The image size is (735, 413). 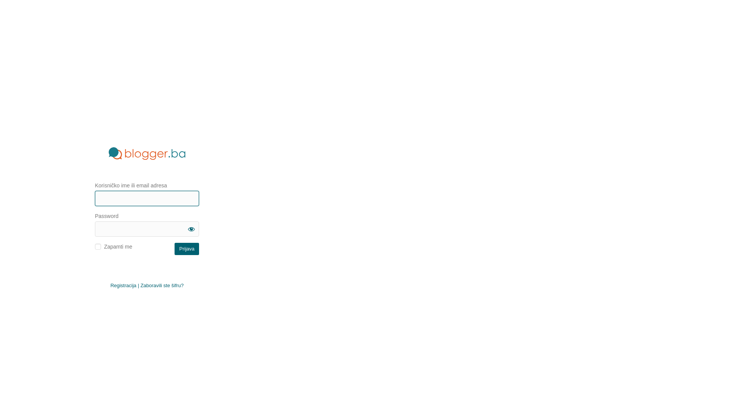 I want to click on 'Prijava', so click(x=174, y=249).